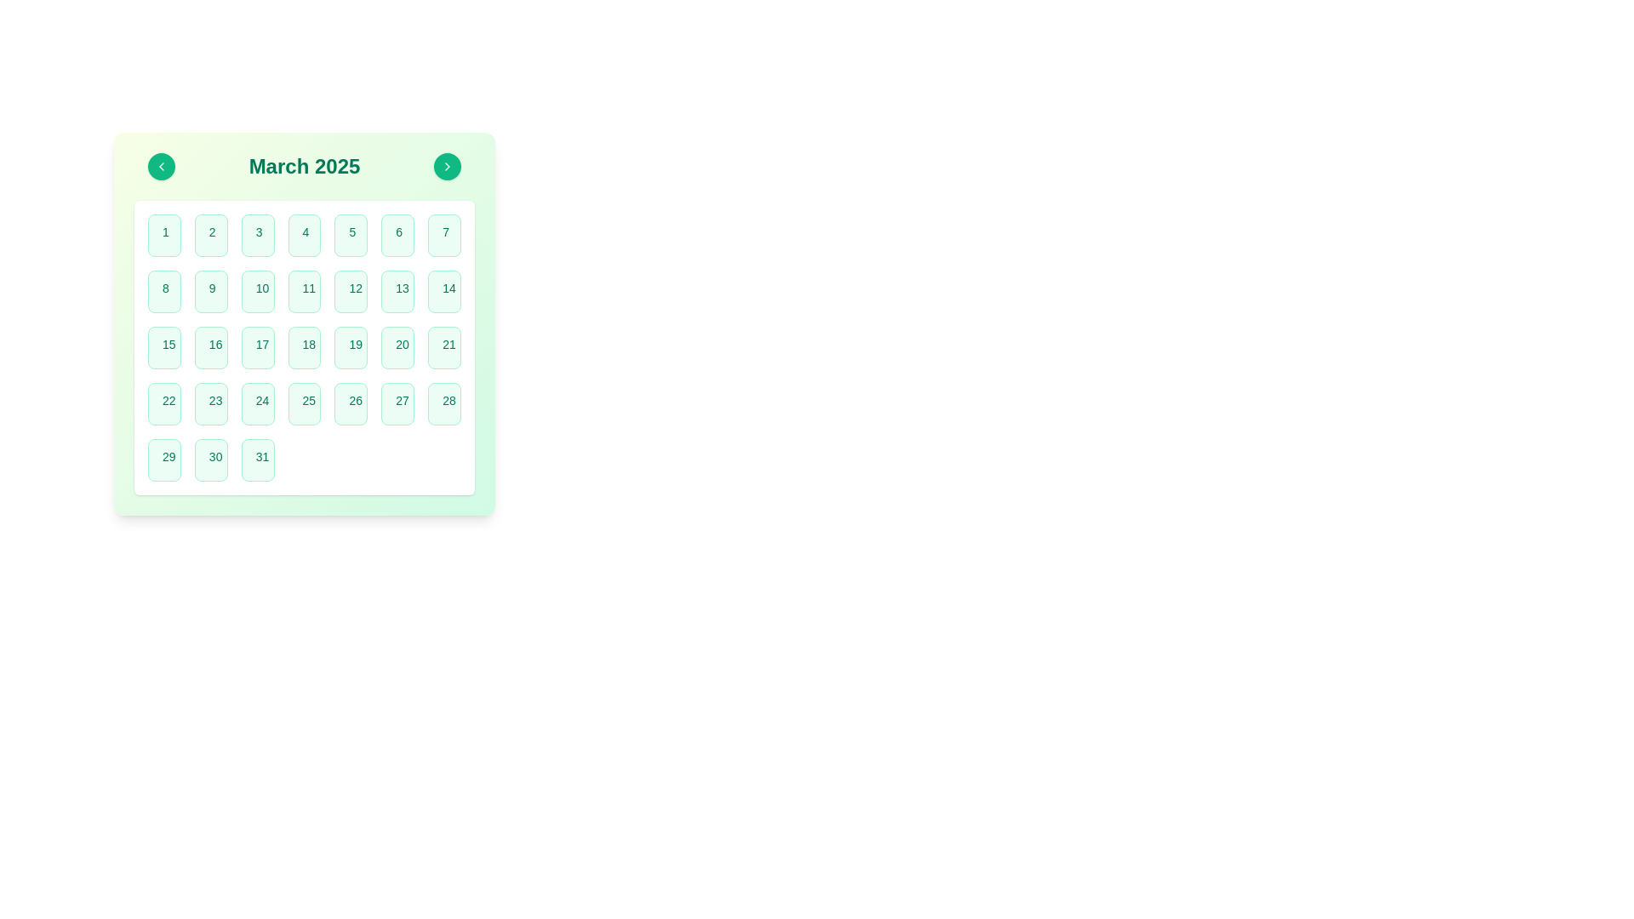 The image size is (1634, 919). Describe the element at coordinates (162, 167) in the screenshot. I see `the circular button icon located on the left side of the header labeled 'March 2025'` at that location.